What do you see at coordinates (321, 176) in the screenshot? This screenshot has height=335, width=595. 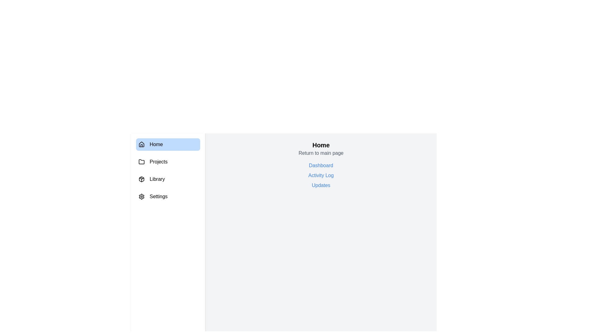 I see `any of the interactive text links located beneath the subtitle 'Return to main page'` at bounding box center [321, 176].